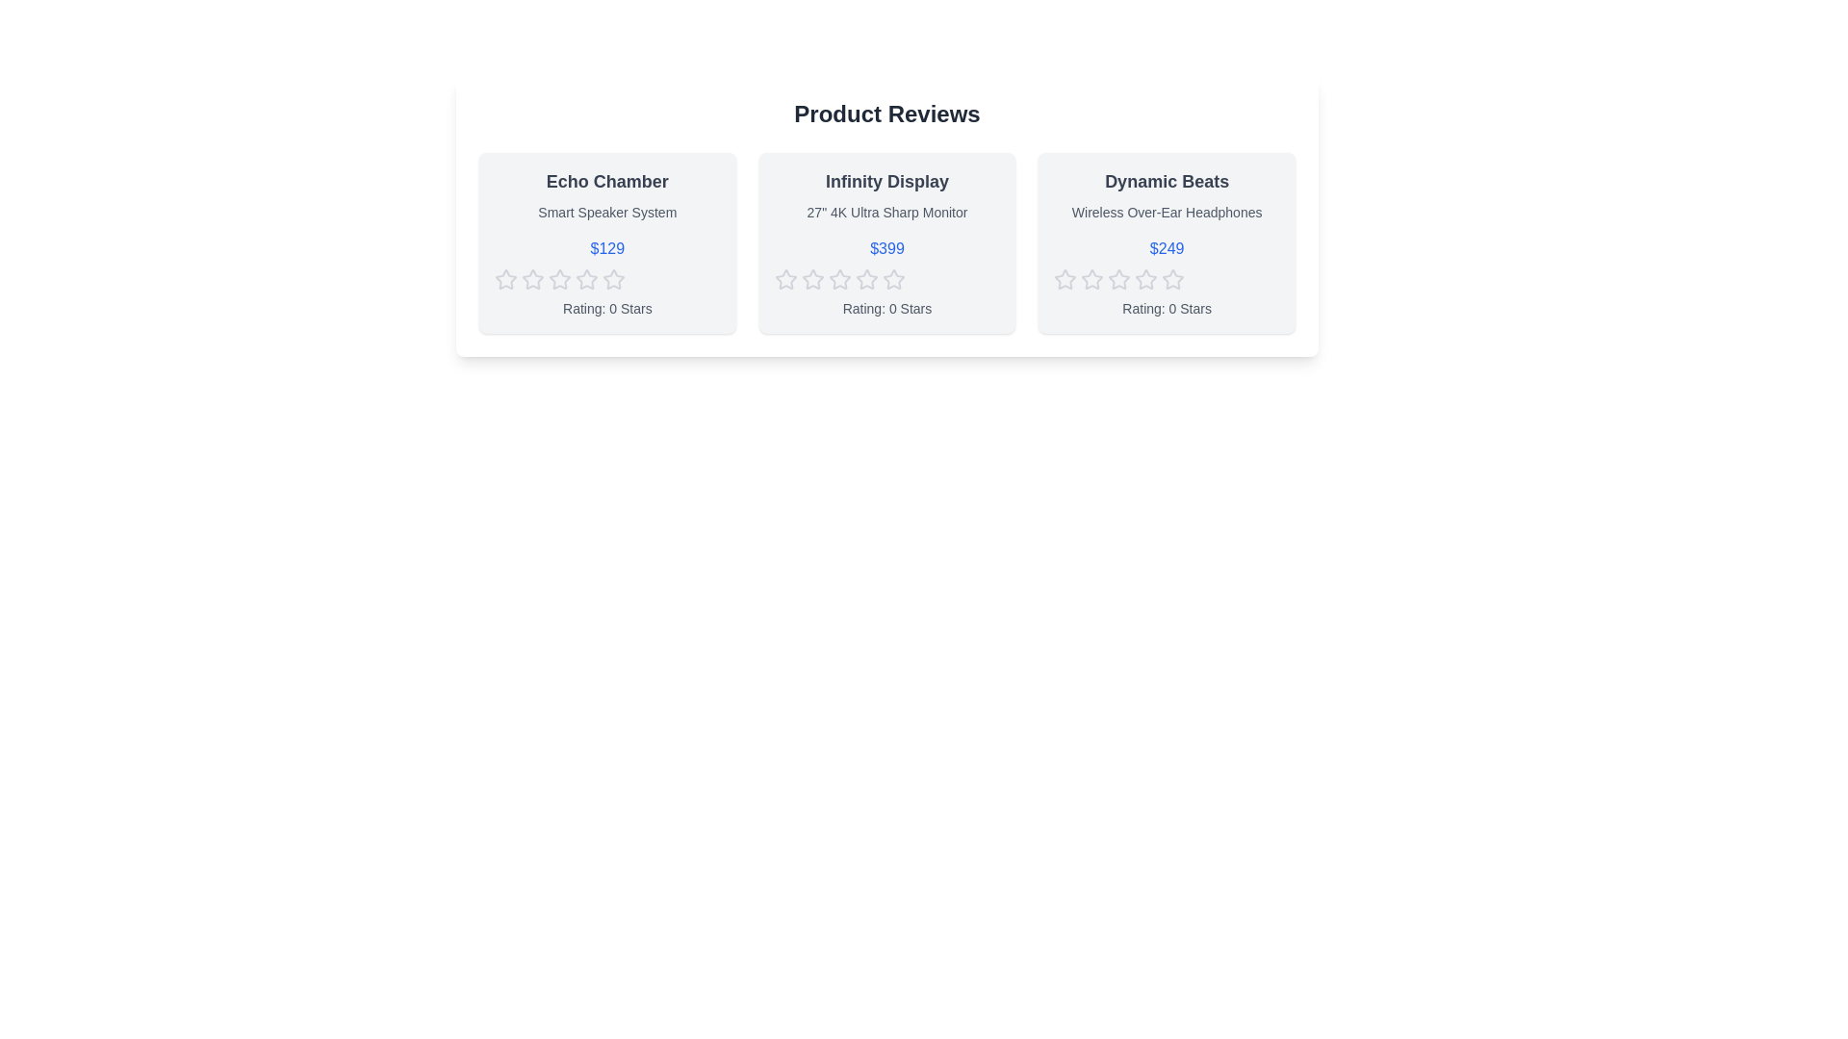  I want to click on the text label that reads 'Smart Speaker System', which is styled in gray and positioned below the product title 'Echo Chamber' and above the pricing information '$129', so click(606, 212).